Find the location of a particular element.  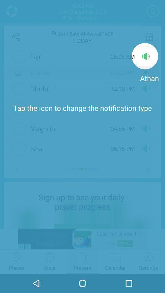

the expand_more icon is located at coordinates (152, 11).